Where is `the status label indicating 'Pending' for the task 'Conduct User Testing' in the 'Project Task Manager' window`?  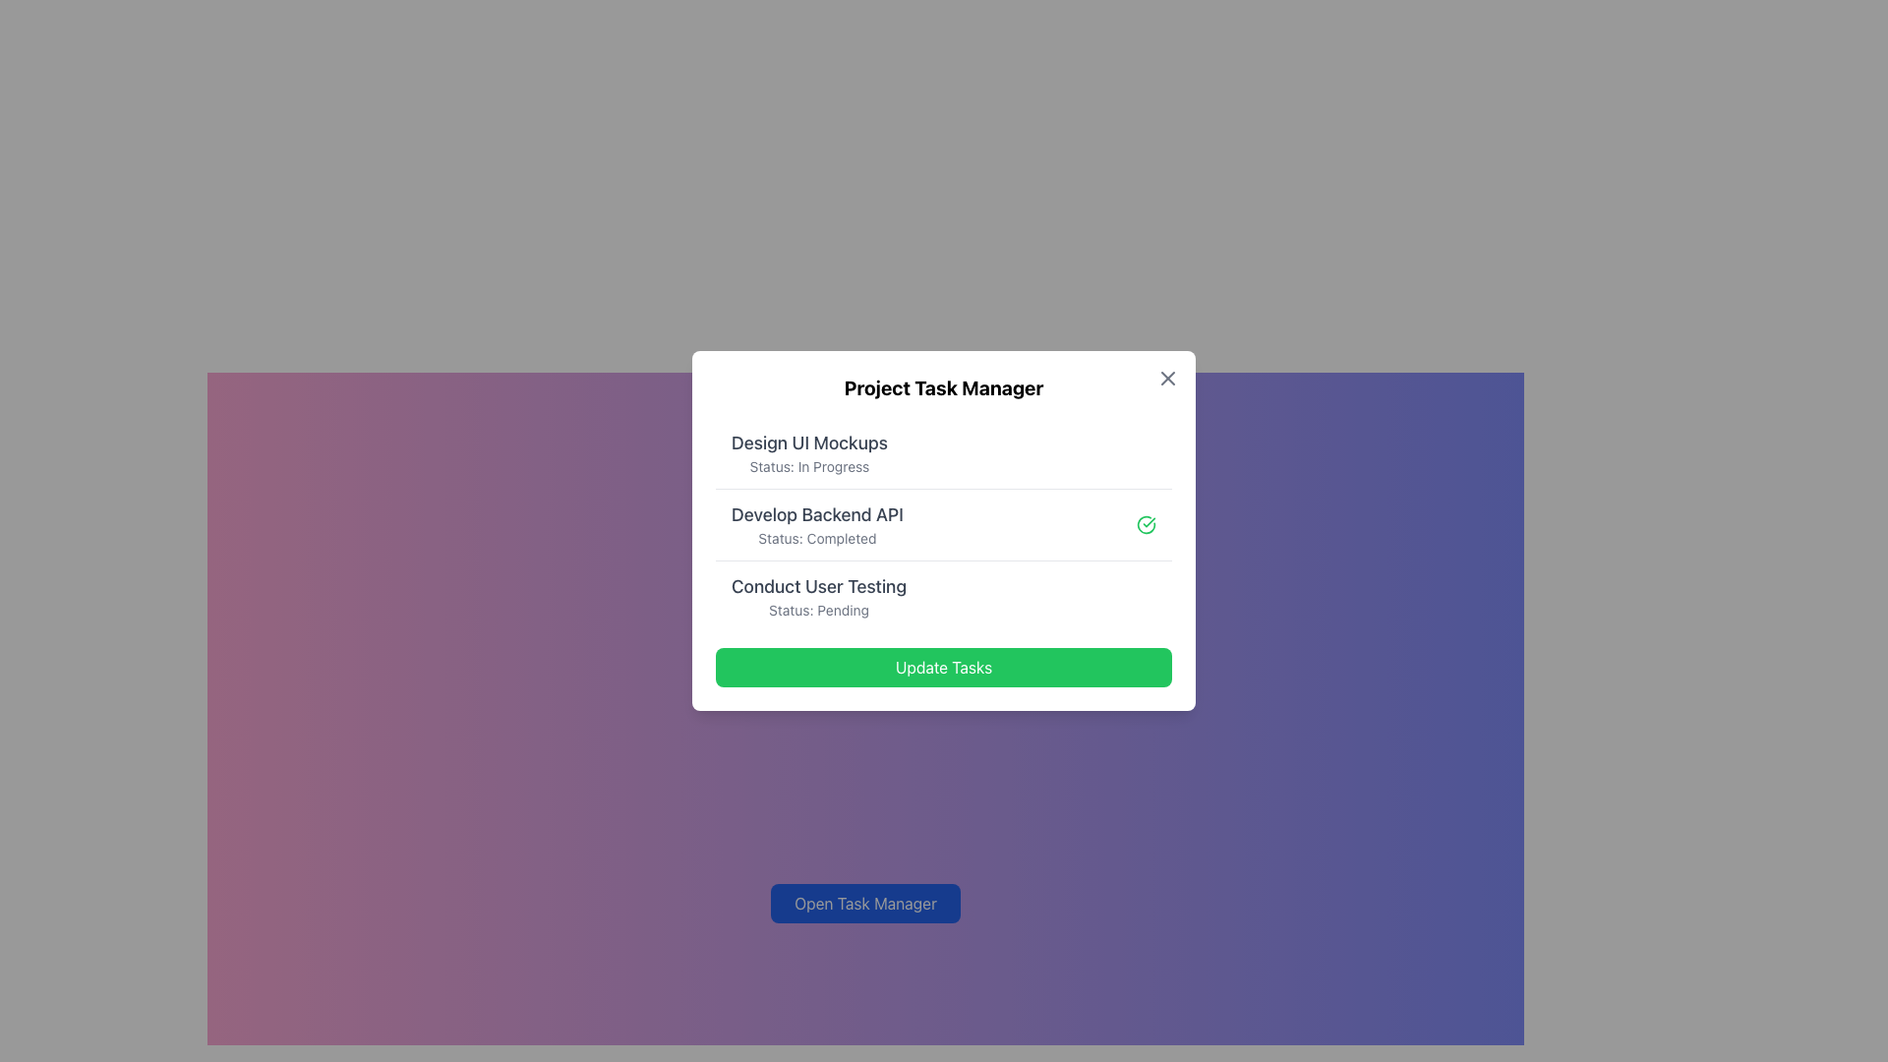
the status label indicating 'Pending' for the task 'Conduct User Testing' in the 'Project Task Manager' window is located at coordinates (819, 610).